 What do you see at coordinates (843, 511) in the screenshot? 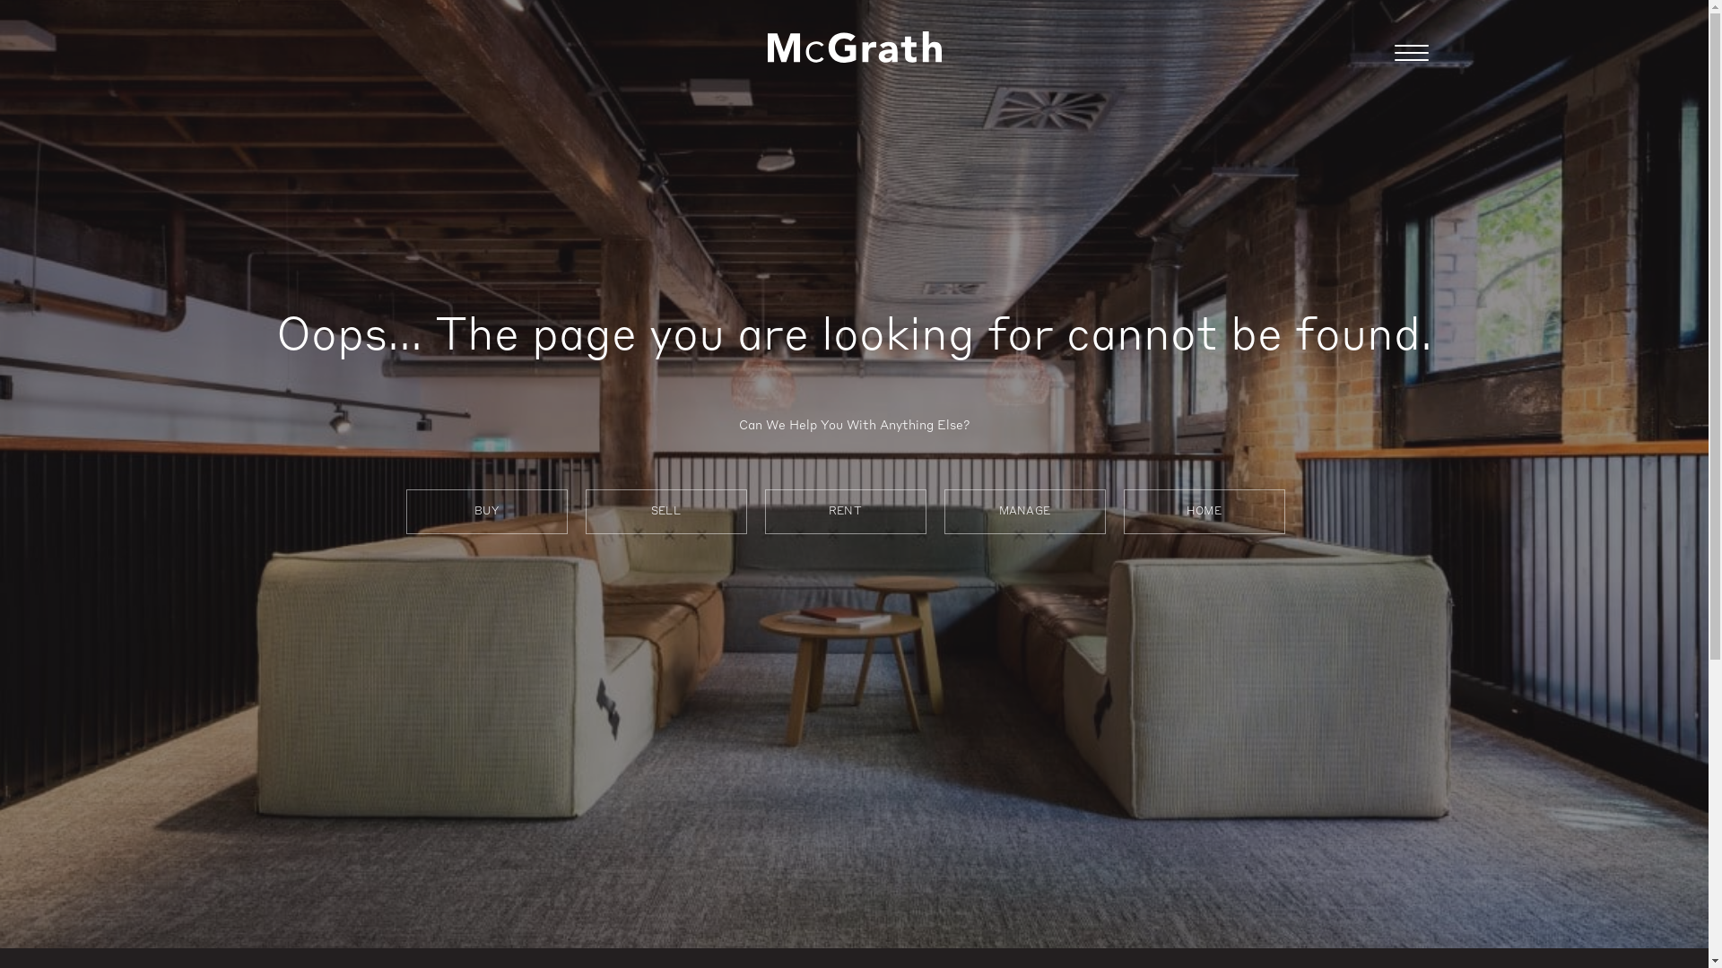
I see `'RENT'` at bounding box center [843, 511].